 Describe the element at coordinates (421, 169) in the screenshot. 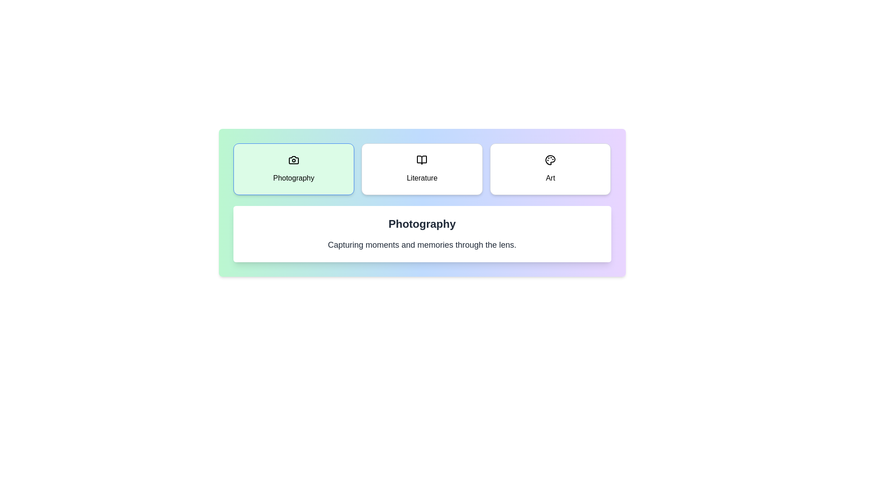

I see `the 'Literature' button` at that location.